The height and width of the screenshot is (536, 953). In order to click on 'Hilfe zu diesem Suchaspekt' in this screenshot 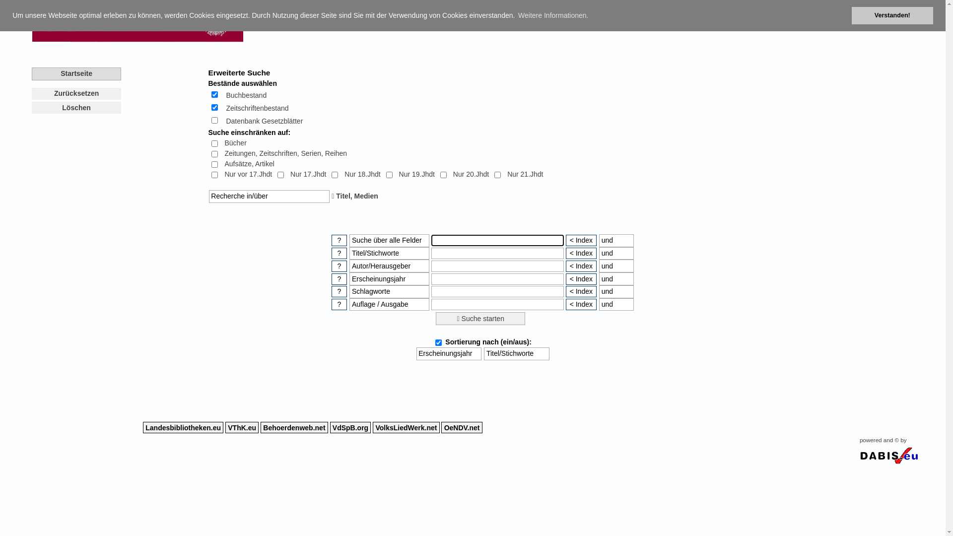, I will do `click(339, 291)`.